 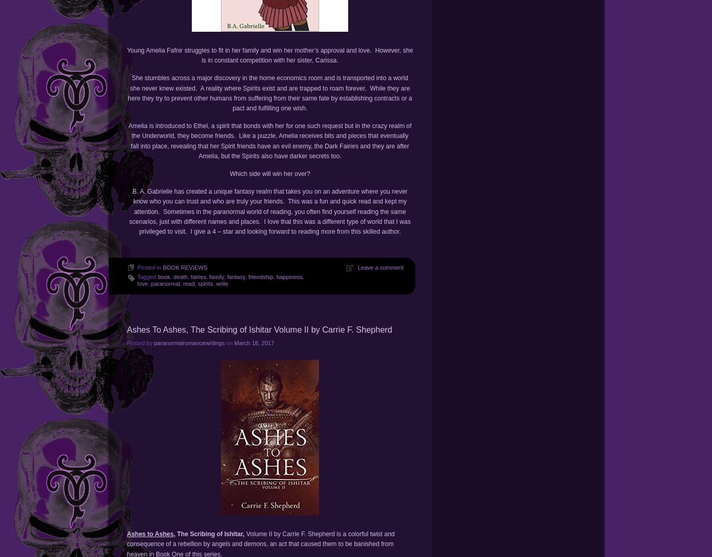 What do you see at coordinates (269, 173) in the screenshot?
I see `'Which side will win her over?'` at bounding box center [269, 173].